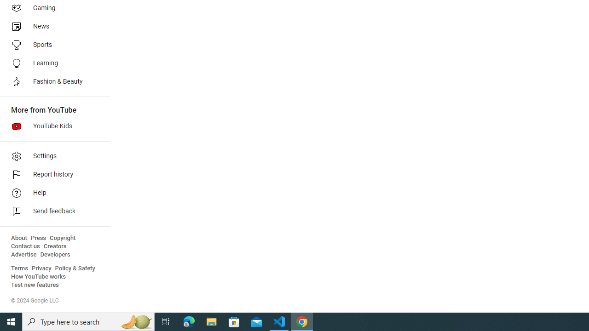 This screenshot has width=589, height=331. Describe the element at coordinates (25, 246) in the screenshot. I see `'Contact us'` at that location.